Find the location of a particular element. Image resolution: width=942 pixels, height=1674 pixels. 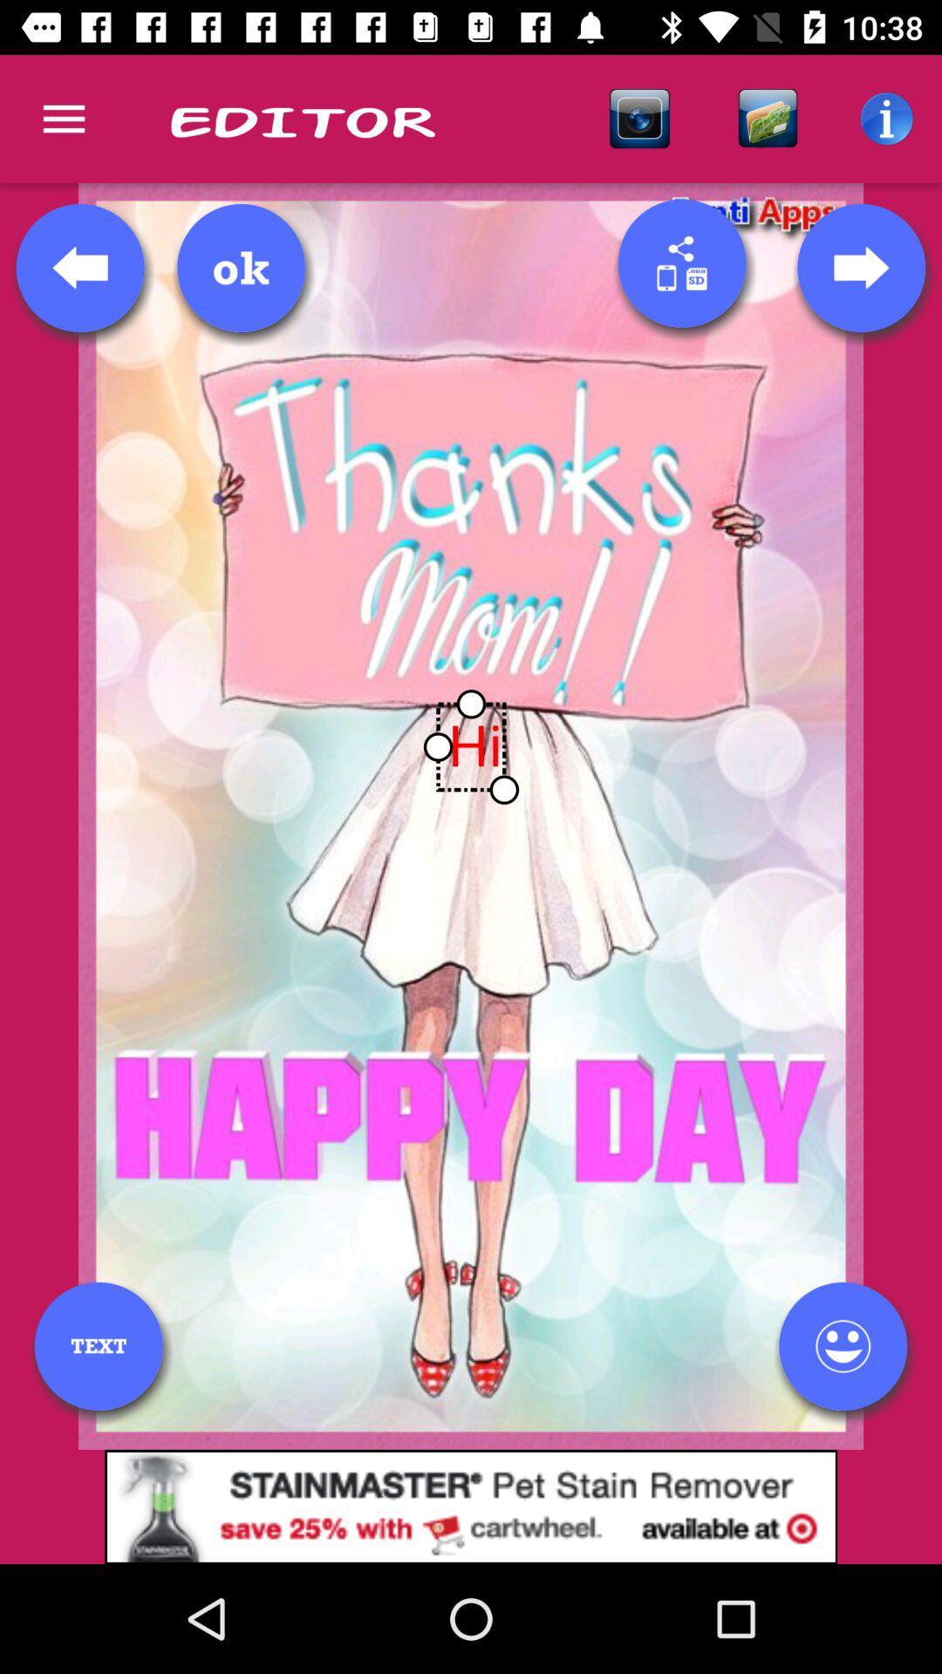

the emoji icon is located at coordinates (842, 1345).